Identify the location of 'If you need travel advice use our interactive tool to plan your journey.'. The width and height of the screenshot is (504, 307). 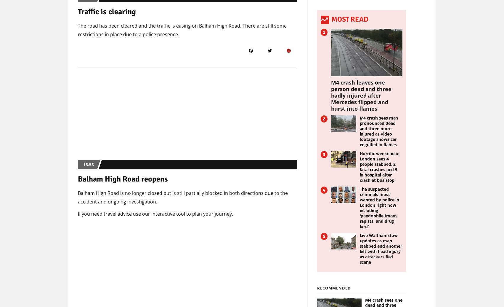
(77, 213).